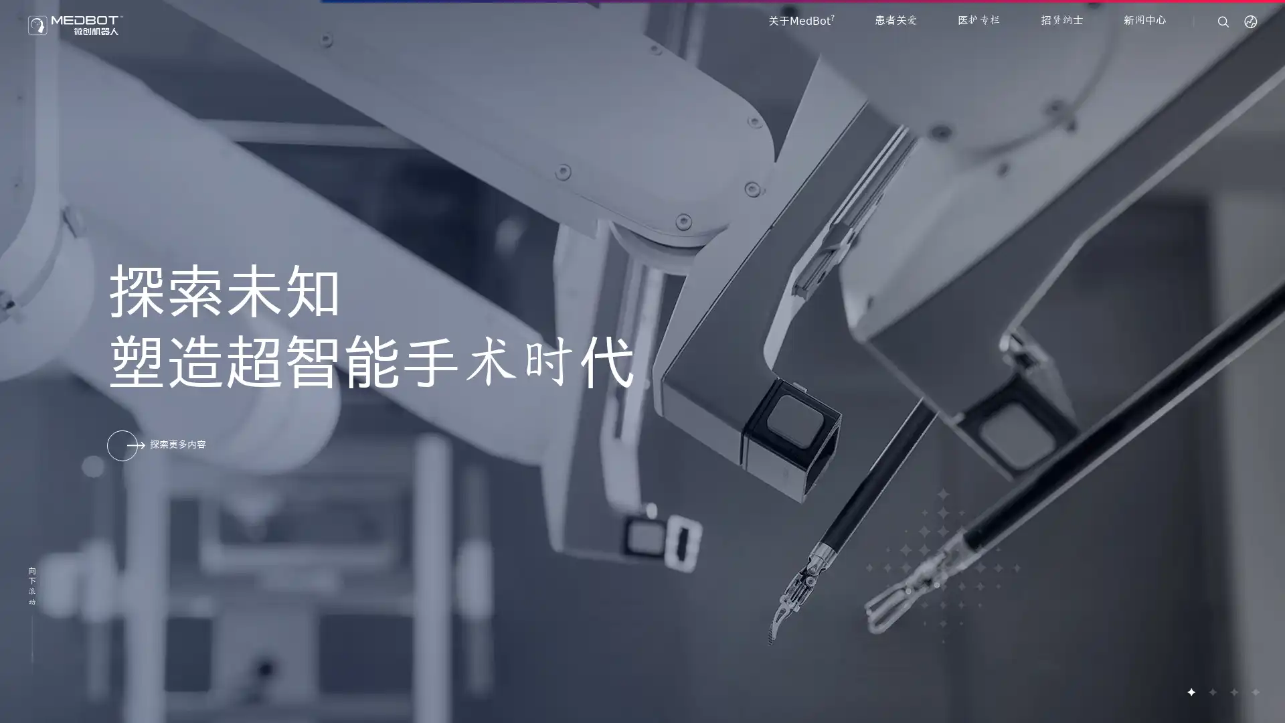 The height and width of the screenshot is (723, 1285). I want to click on Go to slide 4, so click(1254, 692).